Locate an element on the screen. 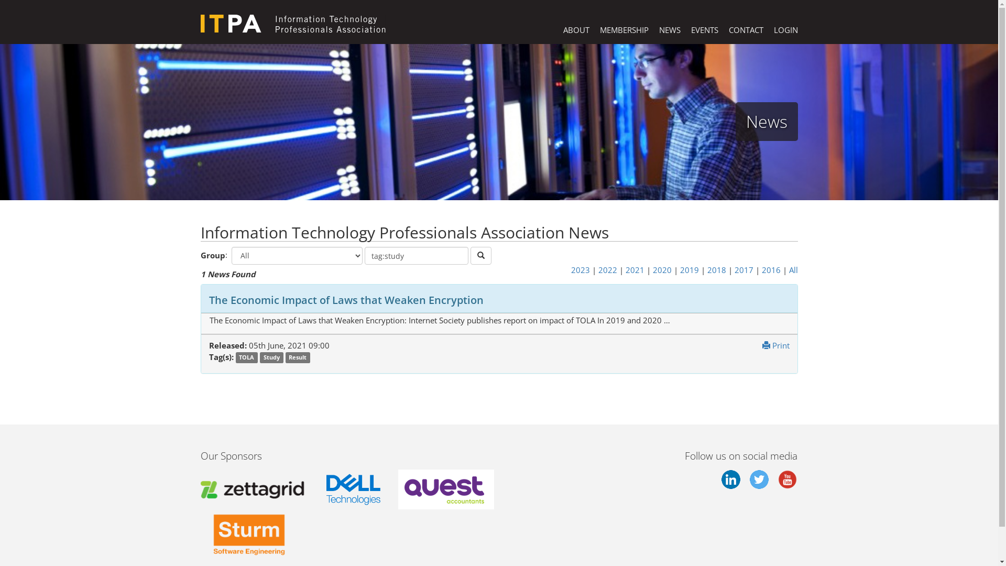 The width and height of the screenshot is (1006, 566). 'Sturm Software Engineering' is located at coordinates (248, 532).